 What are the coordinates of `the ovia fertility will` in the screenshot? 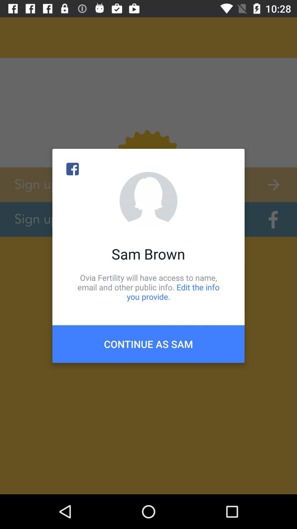 It's located at (148, 287).